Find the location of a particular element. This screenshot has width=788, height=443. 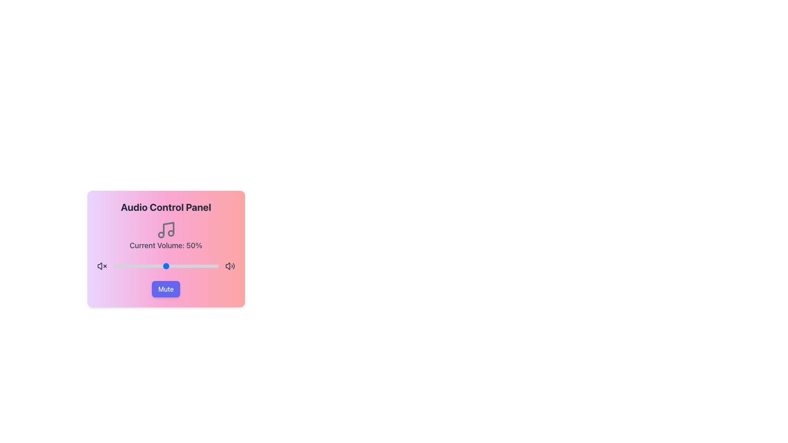

the volume is located at coordinates (140, 266).